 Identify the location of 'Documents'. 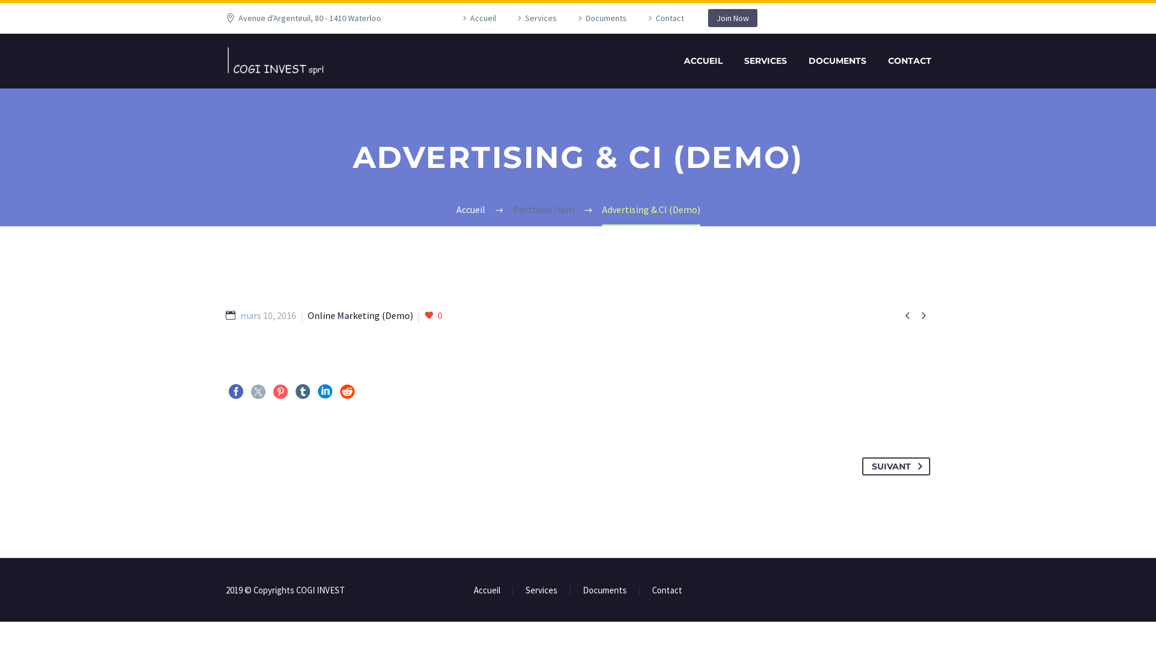
(601, 18).